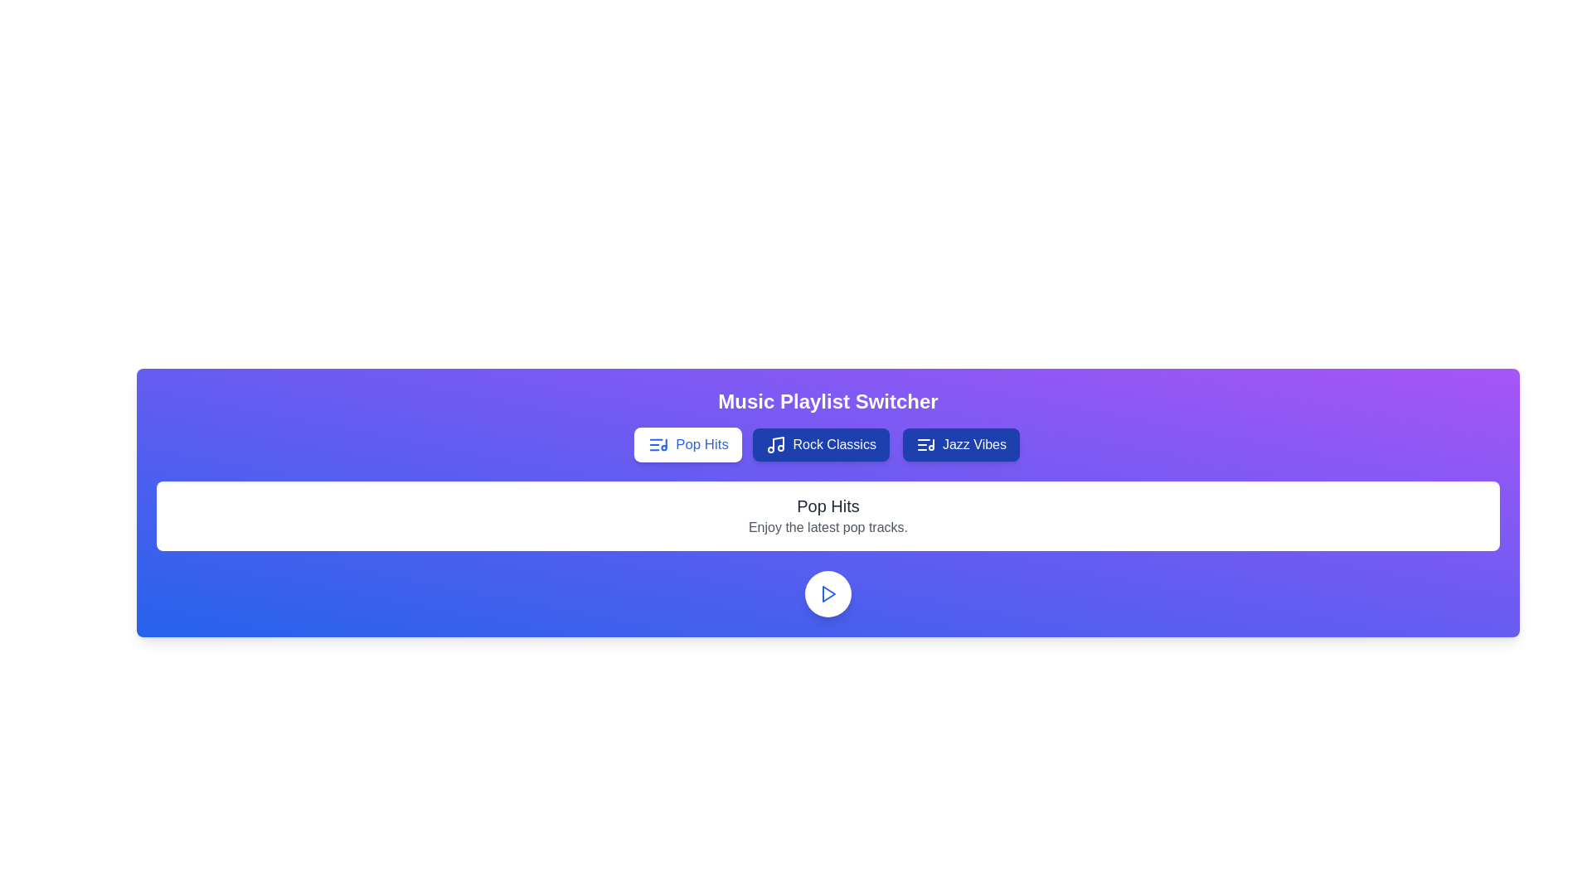 Image resolution: width=1592 pixels, height=895 pixels. What do you see at coordinates (821, 443) in the screenshot?
I see `the 'Rock Classics' button, which features a musical note icon and a bold blue background, to switch to the 'Rock Classics' playlist` at bounding box center [821, 443].